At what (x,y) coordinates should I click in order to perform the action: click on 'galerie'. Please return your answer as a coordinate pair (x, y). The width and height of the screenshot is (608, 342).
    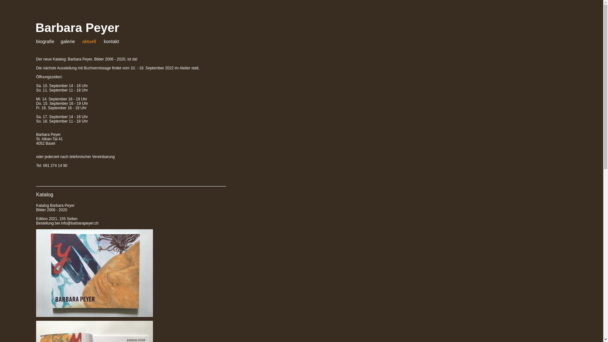
    Looking at the image, I should click on (68, 41).